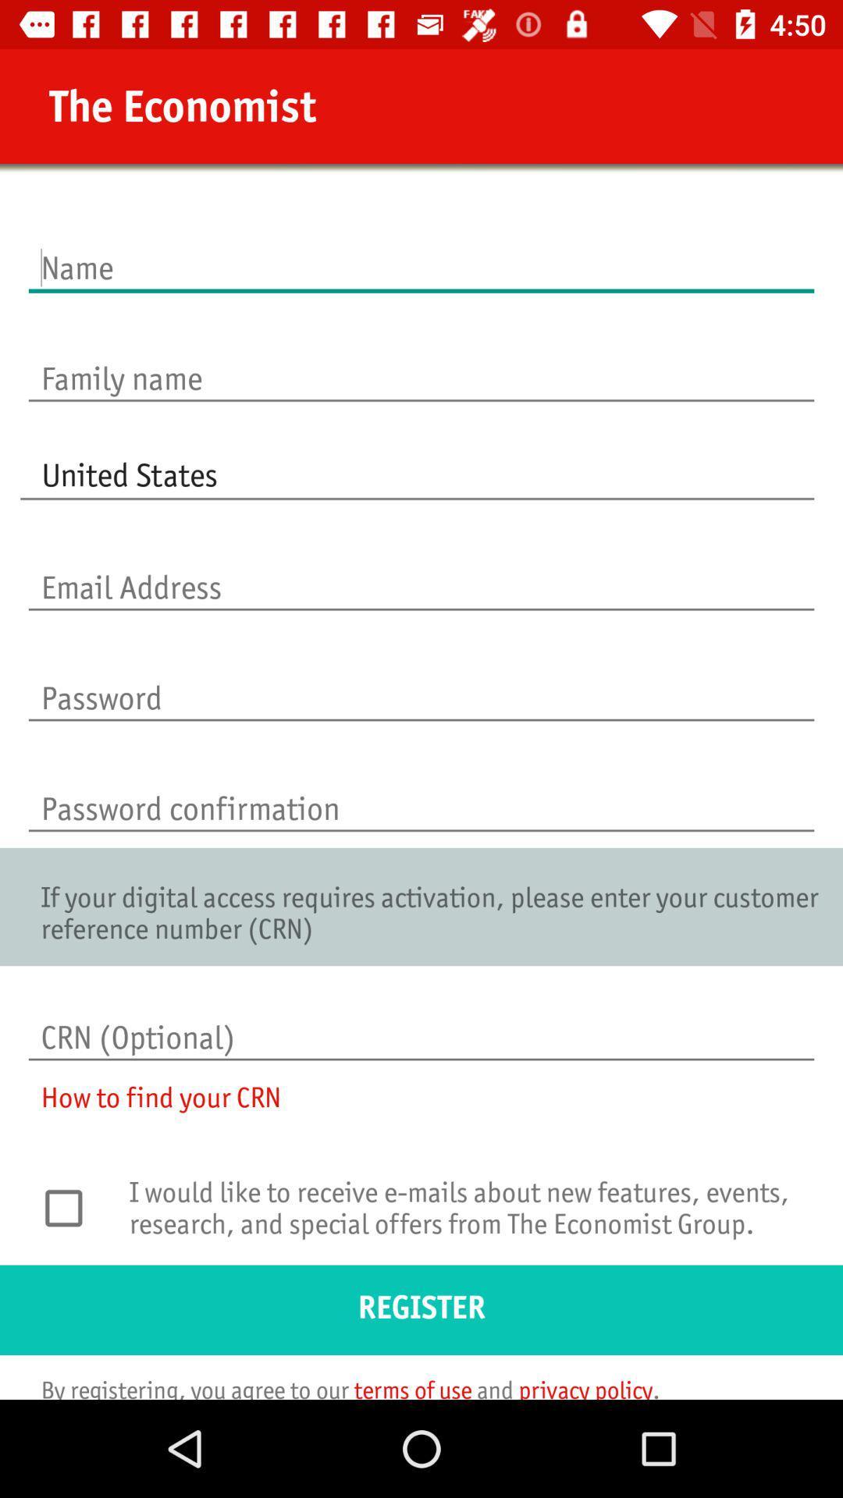  I want to click on receive option, so click(72, 1207).